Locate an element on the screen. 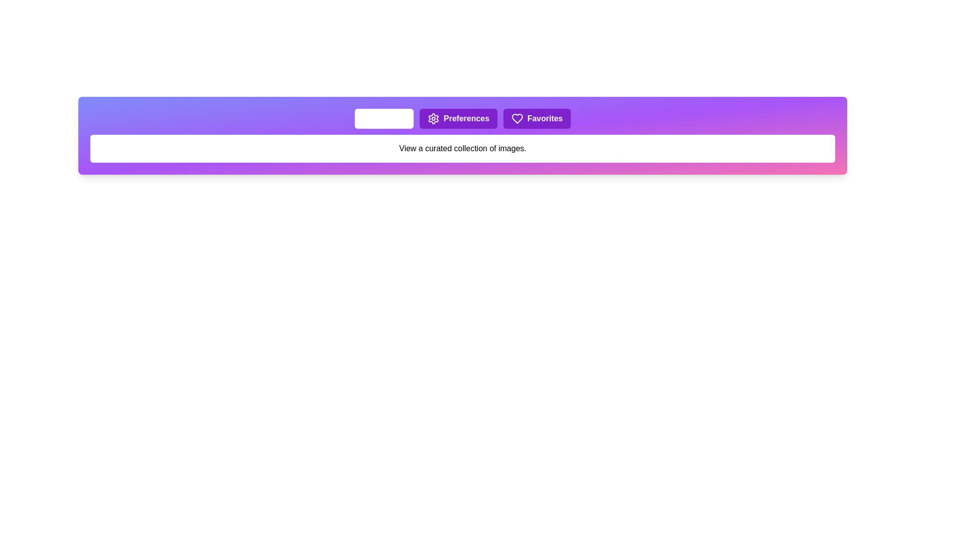 The height and width of the screenshot is (539, 958). the button labeled 'Gallery' to observe visual feedback is located at coordinates (383, 118).